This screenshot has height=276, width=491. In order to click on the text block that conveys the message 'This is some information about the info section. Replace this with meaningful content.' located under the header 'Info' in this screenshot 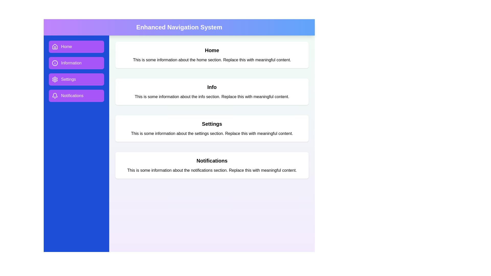, I will do `click(212, 97)`.